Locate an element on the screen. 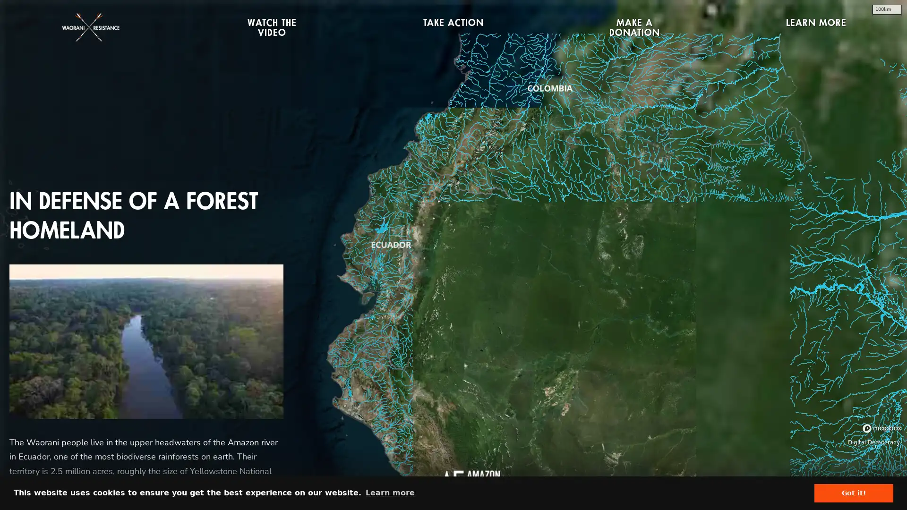 Image resolution: width=907 pixels, height=510 pixels. learn more about cookies is located at coordinates (390, 493).